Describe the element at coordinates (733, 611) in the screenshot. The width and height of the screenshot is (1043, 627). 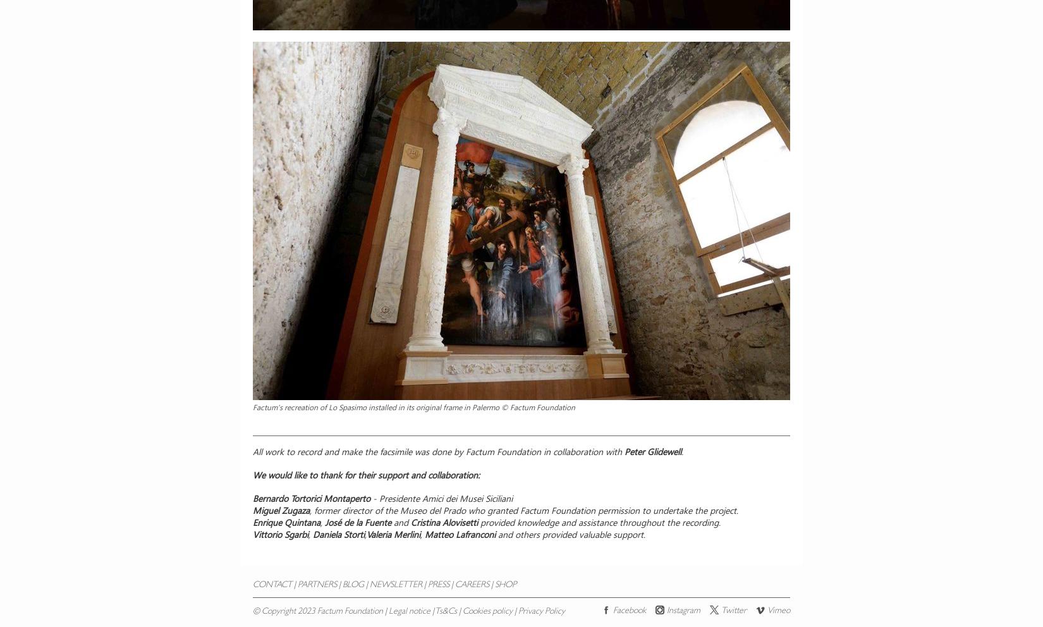
I see `'Twitter'` at that location.